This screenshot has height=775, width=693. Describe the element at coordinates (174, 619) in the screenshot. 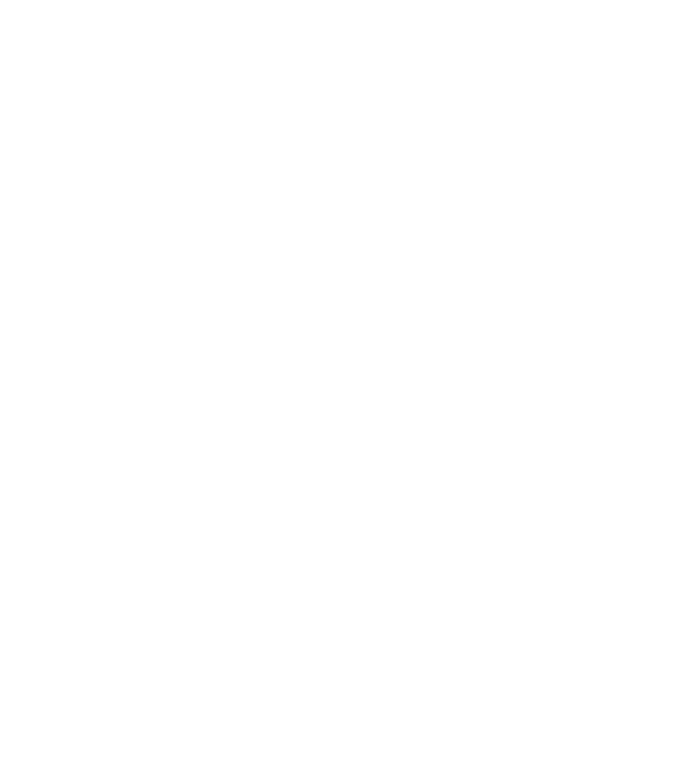

I see `'Microphones'` at that location.